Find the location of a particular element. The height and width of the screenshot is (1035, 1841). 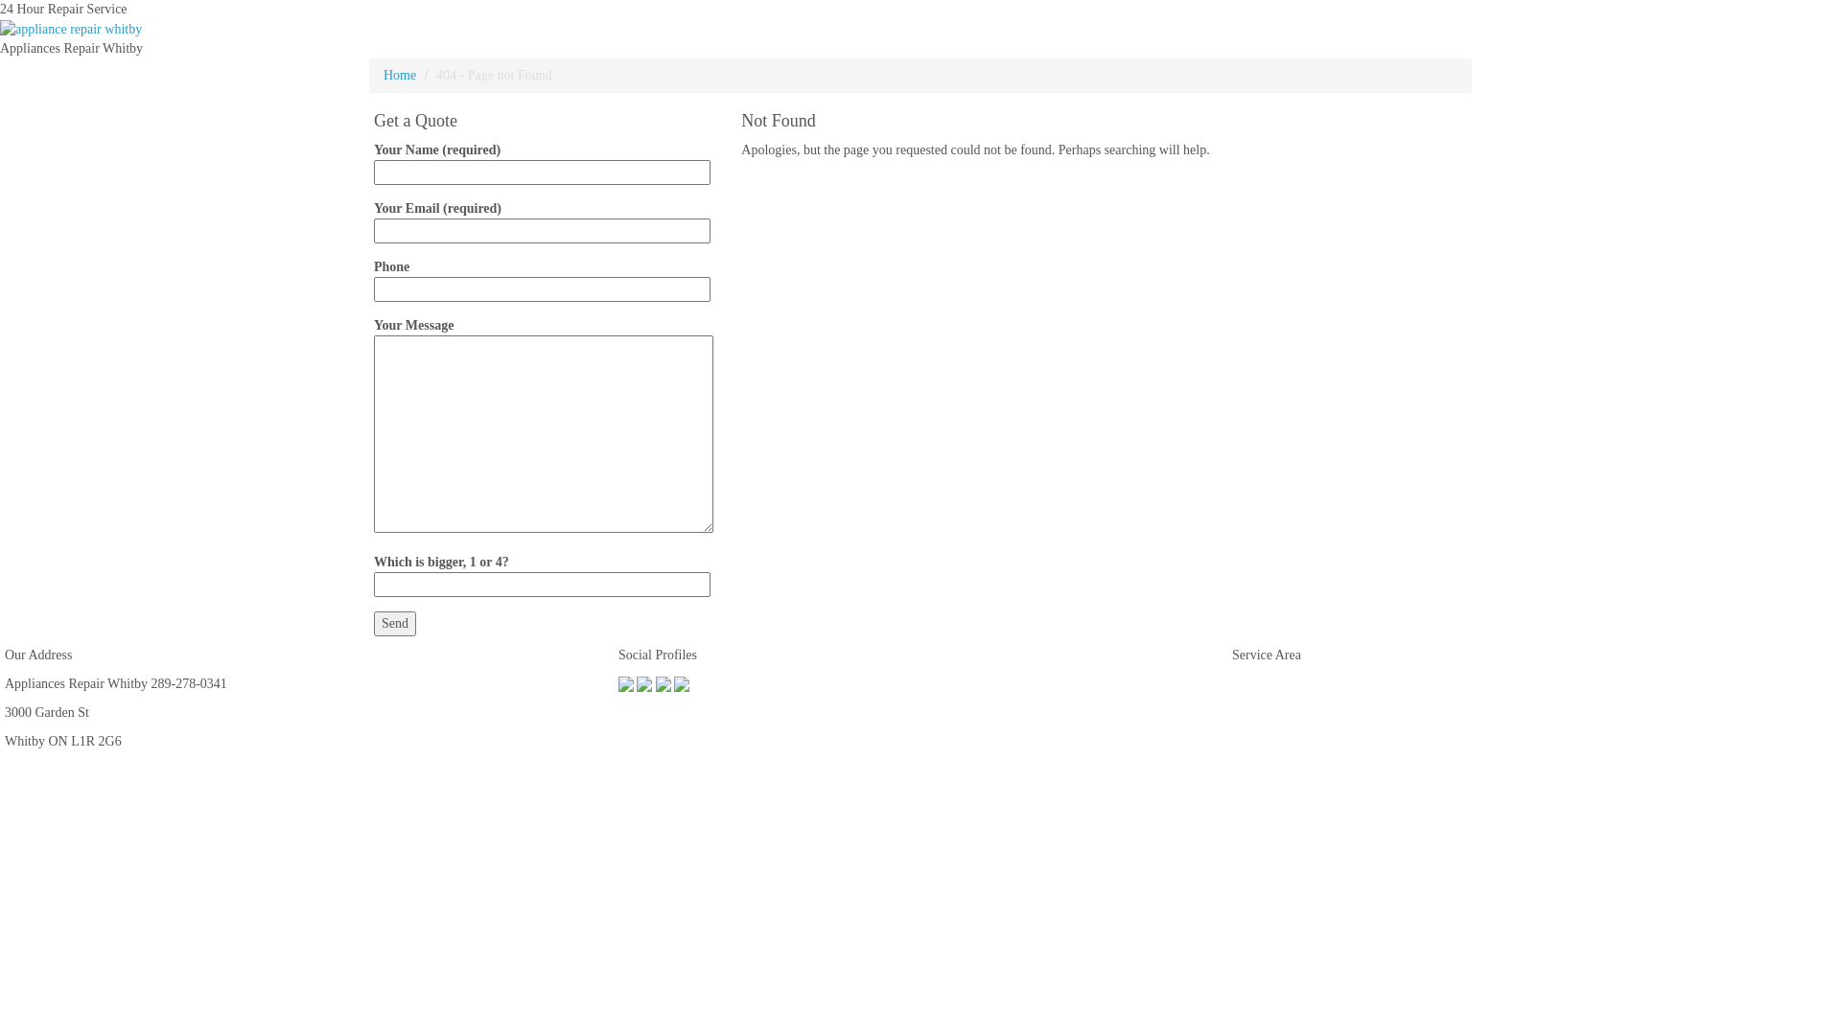

'Home' is located at coordinates (383, 74).